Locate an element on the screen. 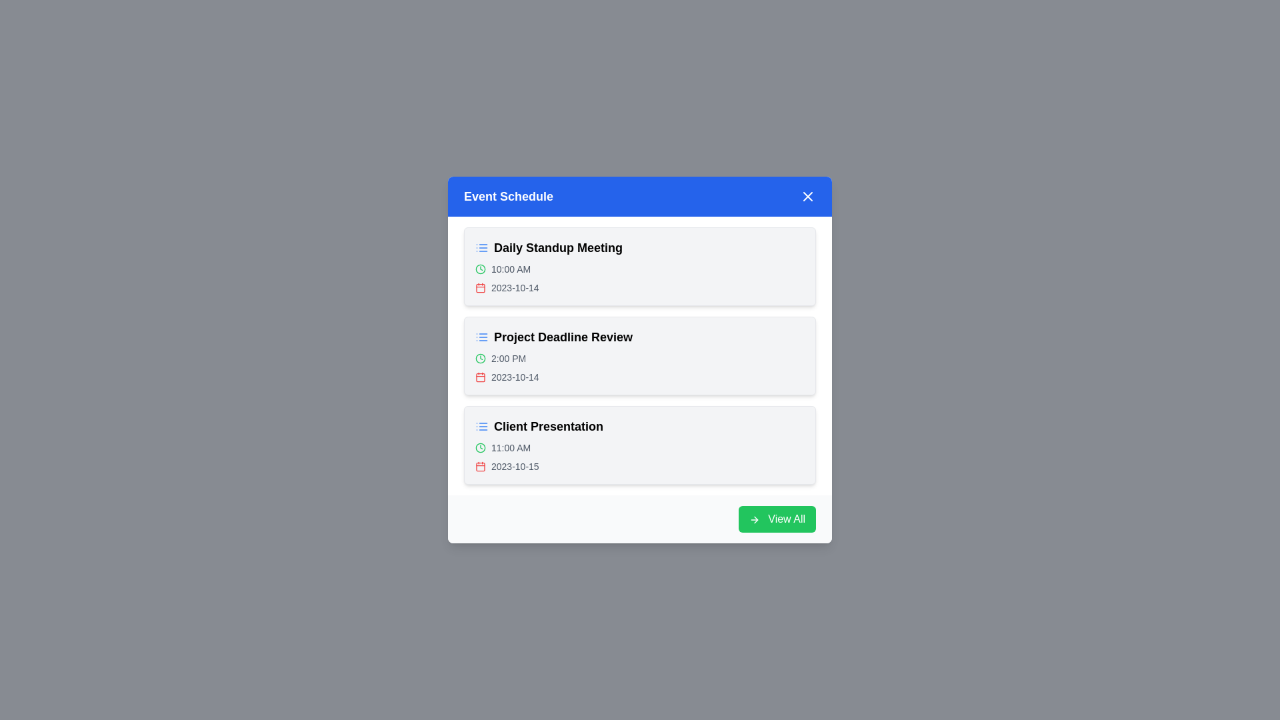 Image resolution: width=1280 pixels, height=720 pixels. the SVG Calendar Icon, which is a vibrant red icon with rounded corners located to the left of the date text '2023-10-14' is located at coordinates (480, 287).